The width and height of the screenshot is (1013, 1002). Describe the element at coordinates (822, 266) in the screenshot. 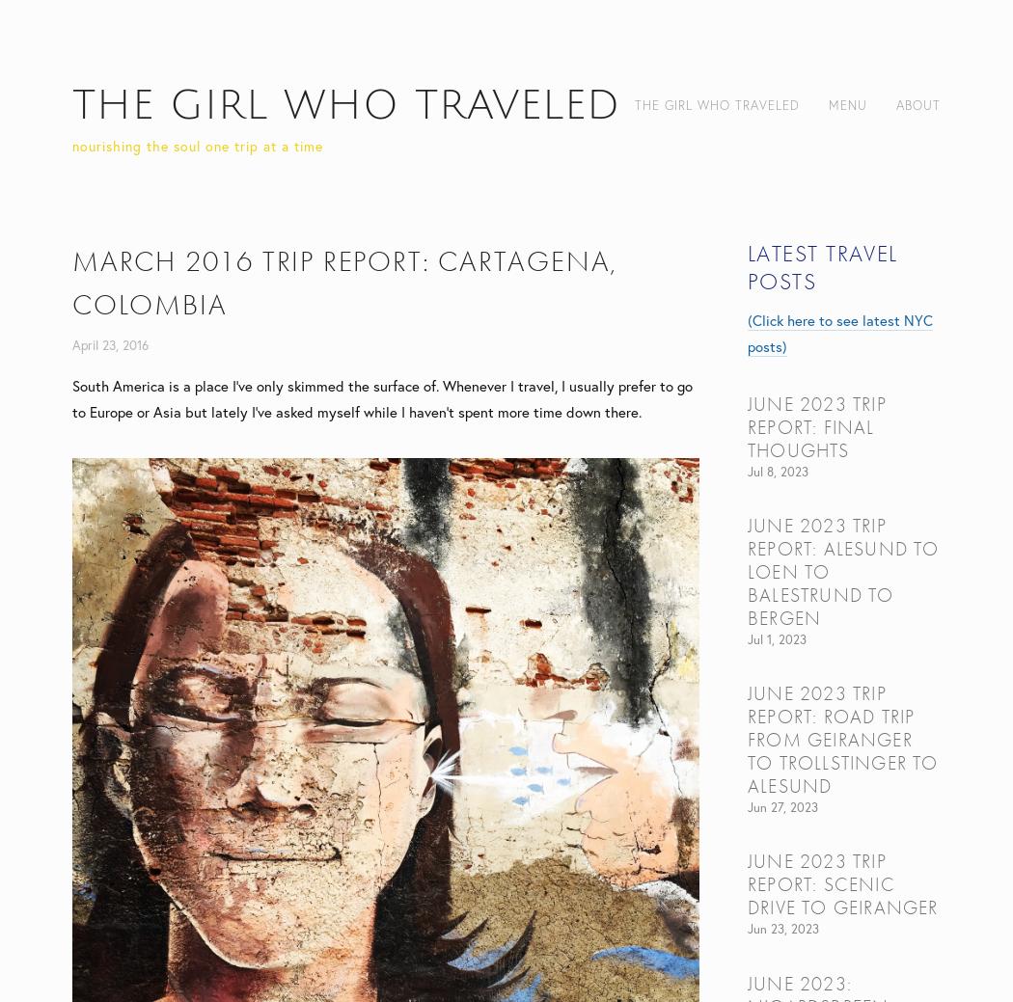

I see `'Latest Travel Posts'` at that location.